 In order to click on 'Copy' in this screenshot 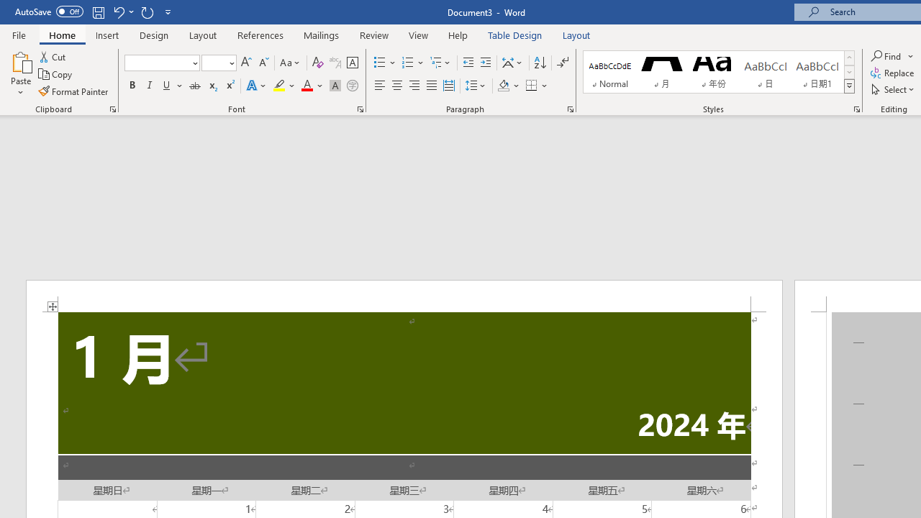, I will do `click(56, 74)`.